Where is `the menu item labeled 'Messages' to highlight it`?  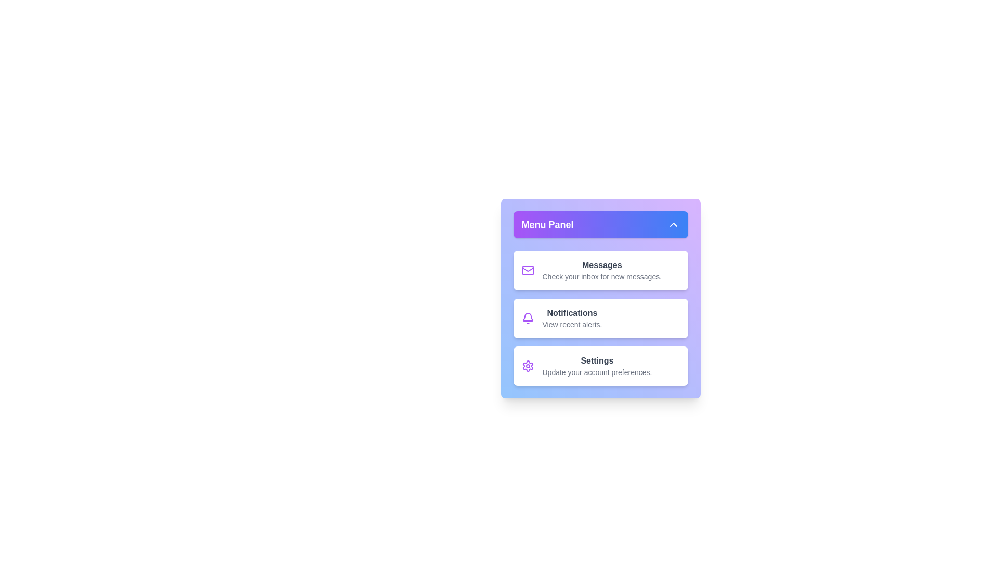
the menu item labeled 'Messages' to highlight it is located at coordinates (600, 270).